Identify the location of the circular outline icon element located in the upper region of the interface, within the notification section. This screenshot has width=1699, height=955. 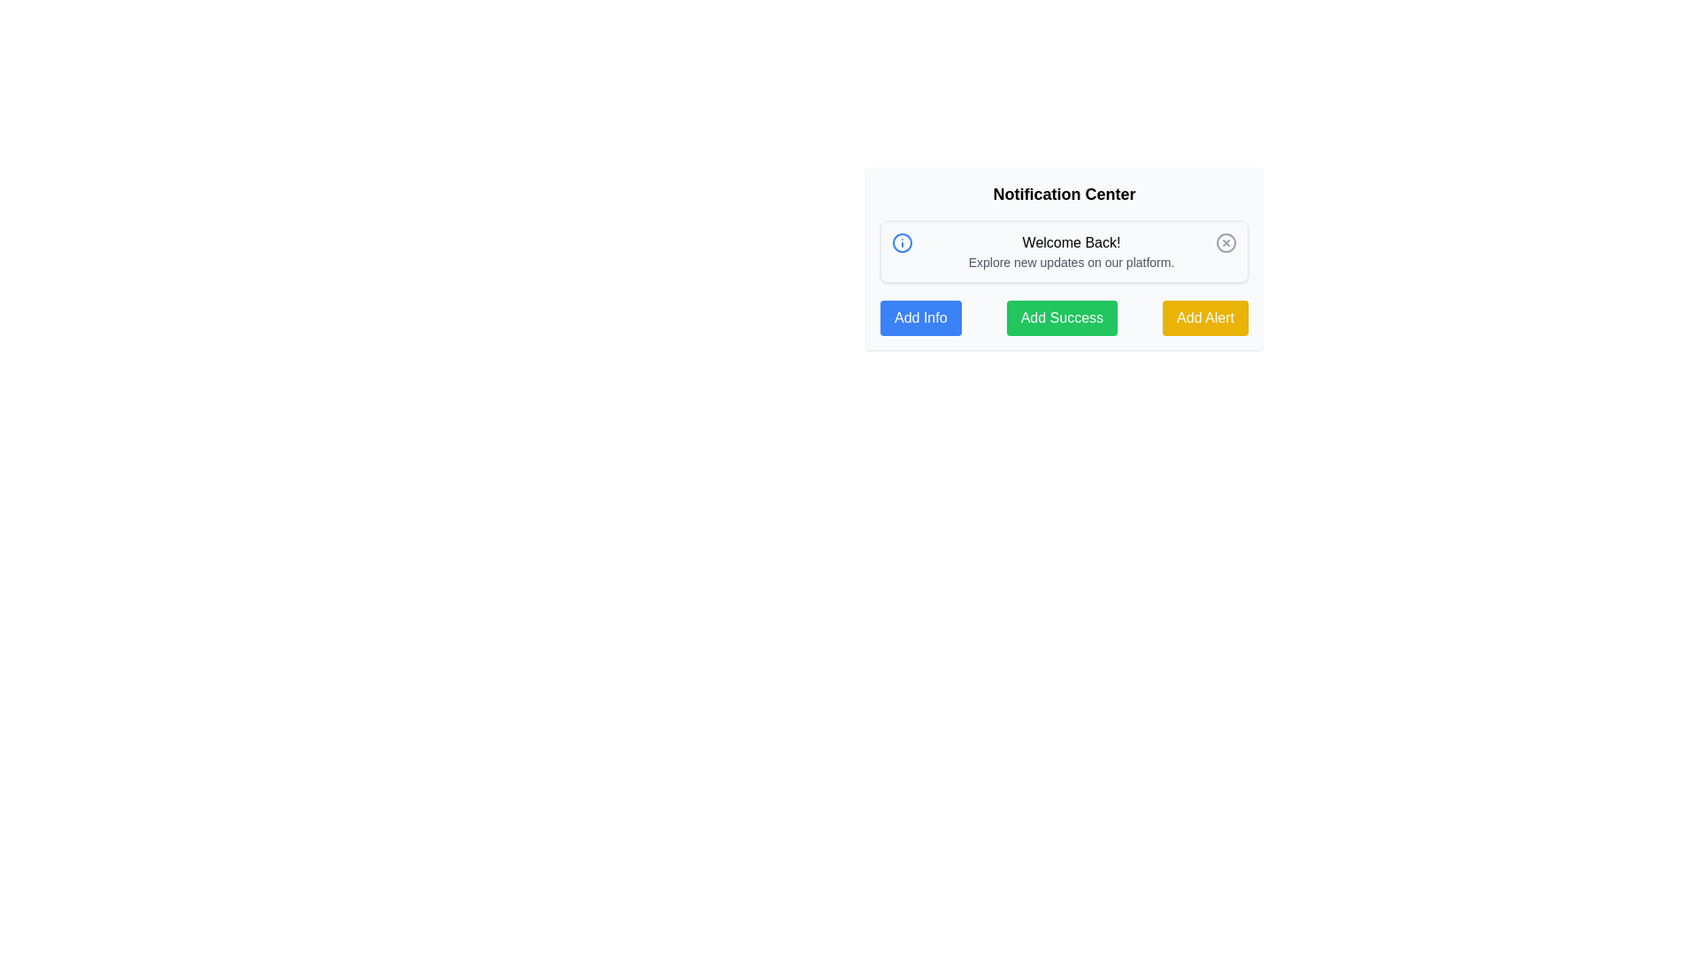
(1226, 242).